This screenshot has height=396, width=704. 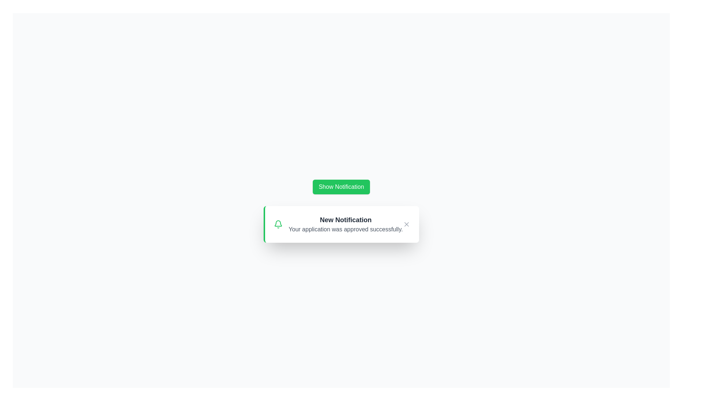 What do you see at coordinates (406, 224) in the screenshot?
I see `the close button located at the top-right corner of the notification card` at bounding box center [406, 224].